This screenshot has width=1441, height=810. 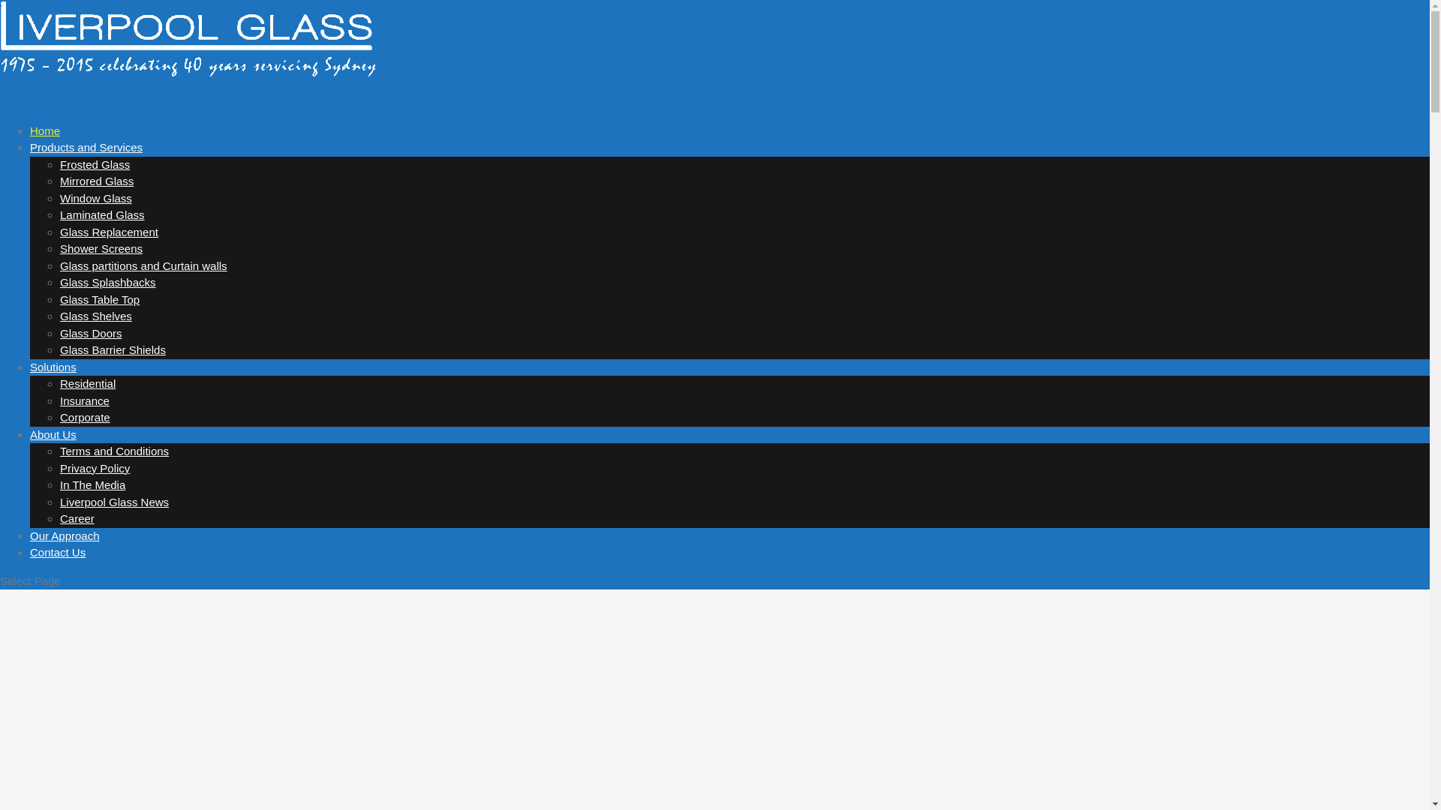 What do you see at coordinates (99, 298) in the screenshot?
I see `'Glass Table Top'` at bounding box center [99, 298].